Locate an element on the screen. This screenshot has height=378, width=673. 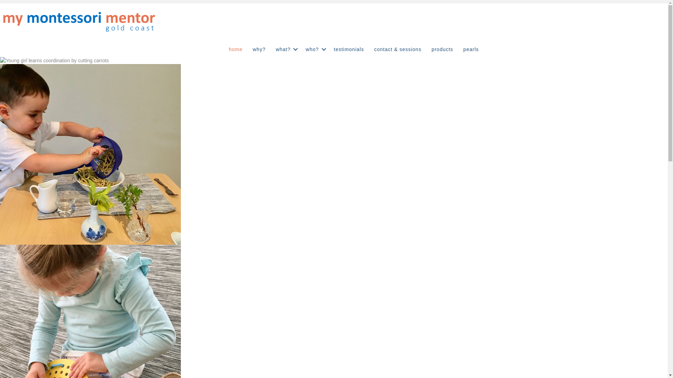
'pearls' is located at coordinates (458, 49).